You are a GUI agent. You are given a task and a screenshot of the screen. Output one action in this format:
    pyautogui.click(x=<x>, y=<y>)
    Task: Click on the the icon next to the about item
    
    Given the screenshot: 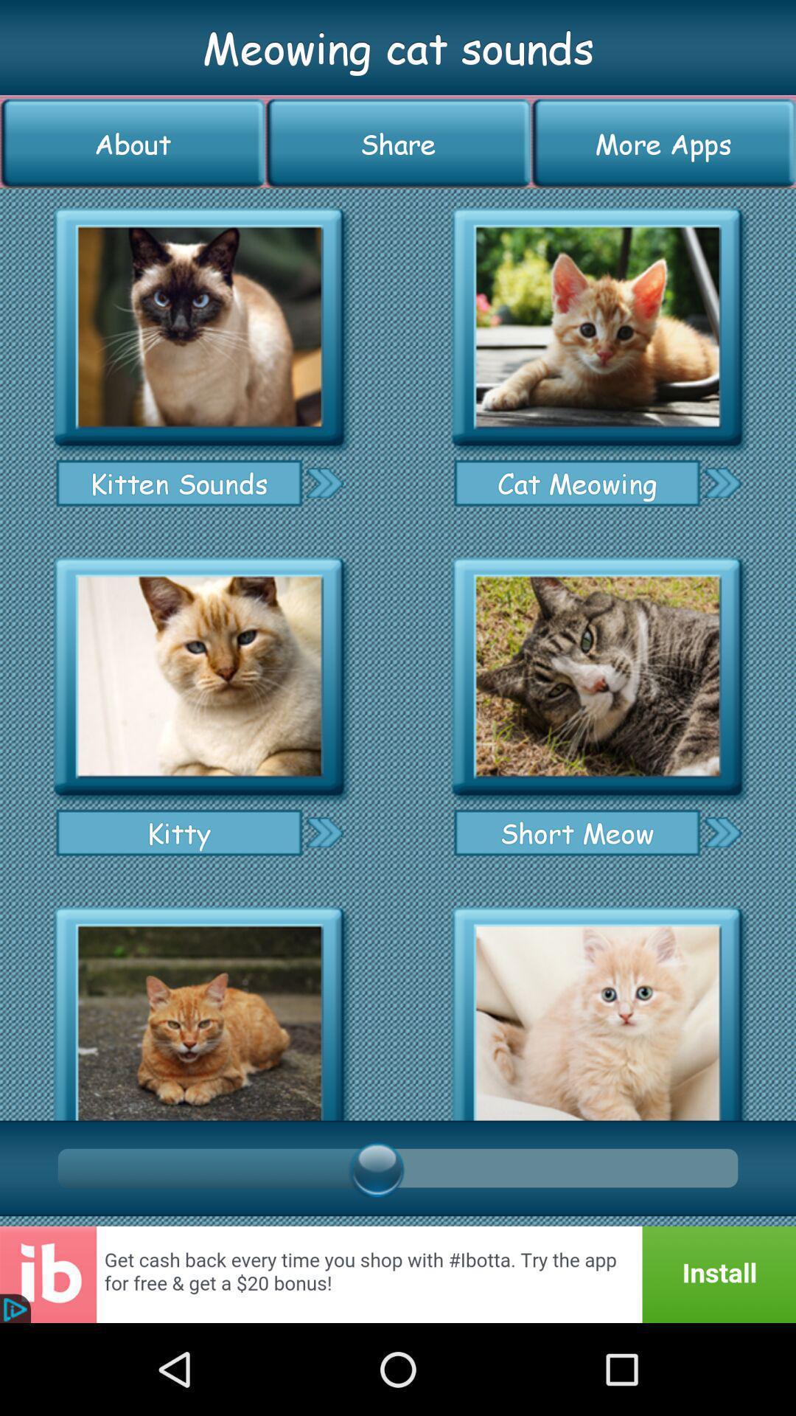 What is the action you would take?
    pyautogui.click(x=398, y=143)
    